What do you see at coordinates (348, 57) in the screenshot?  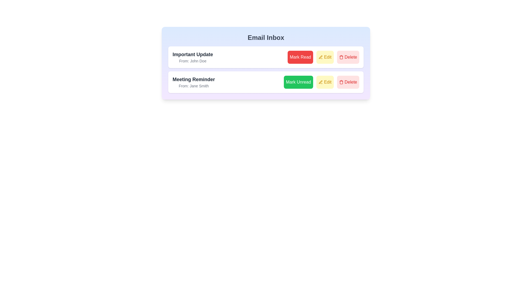 I see `the delete button for the email with subject 'Important Update'` at bounding box center [348, 57].